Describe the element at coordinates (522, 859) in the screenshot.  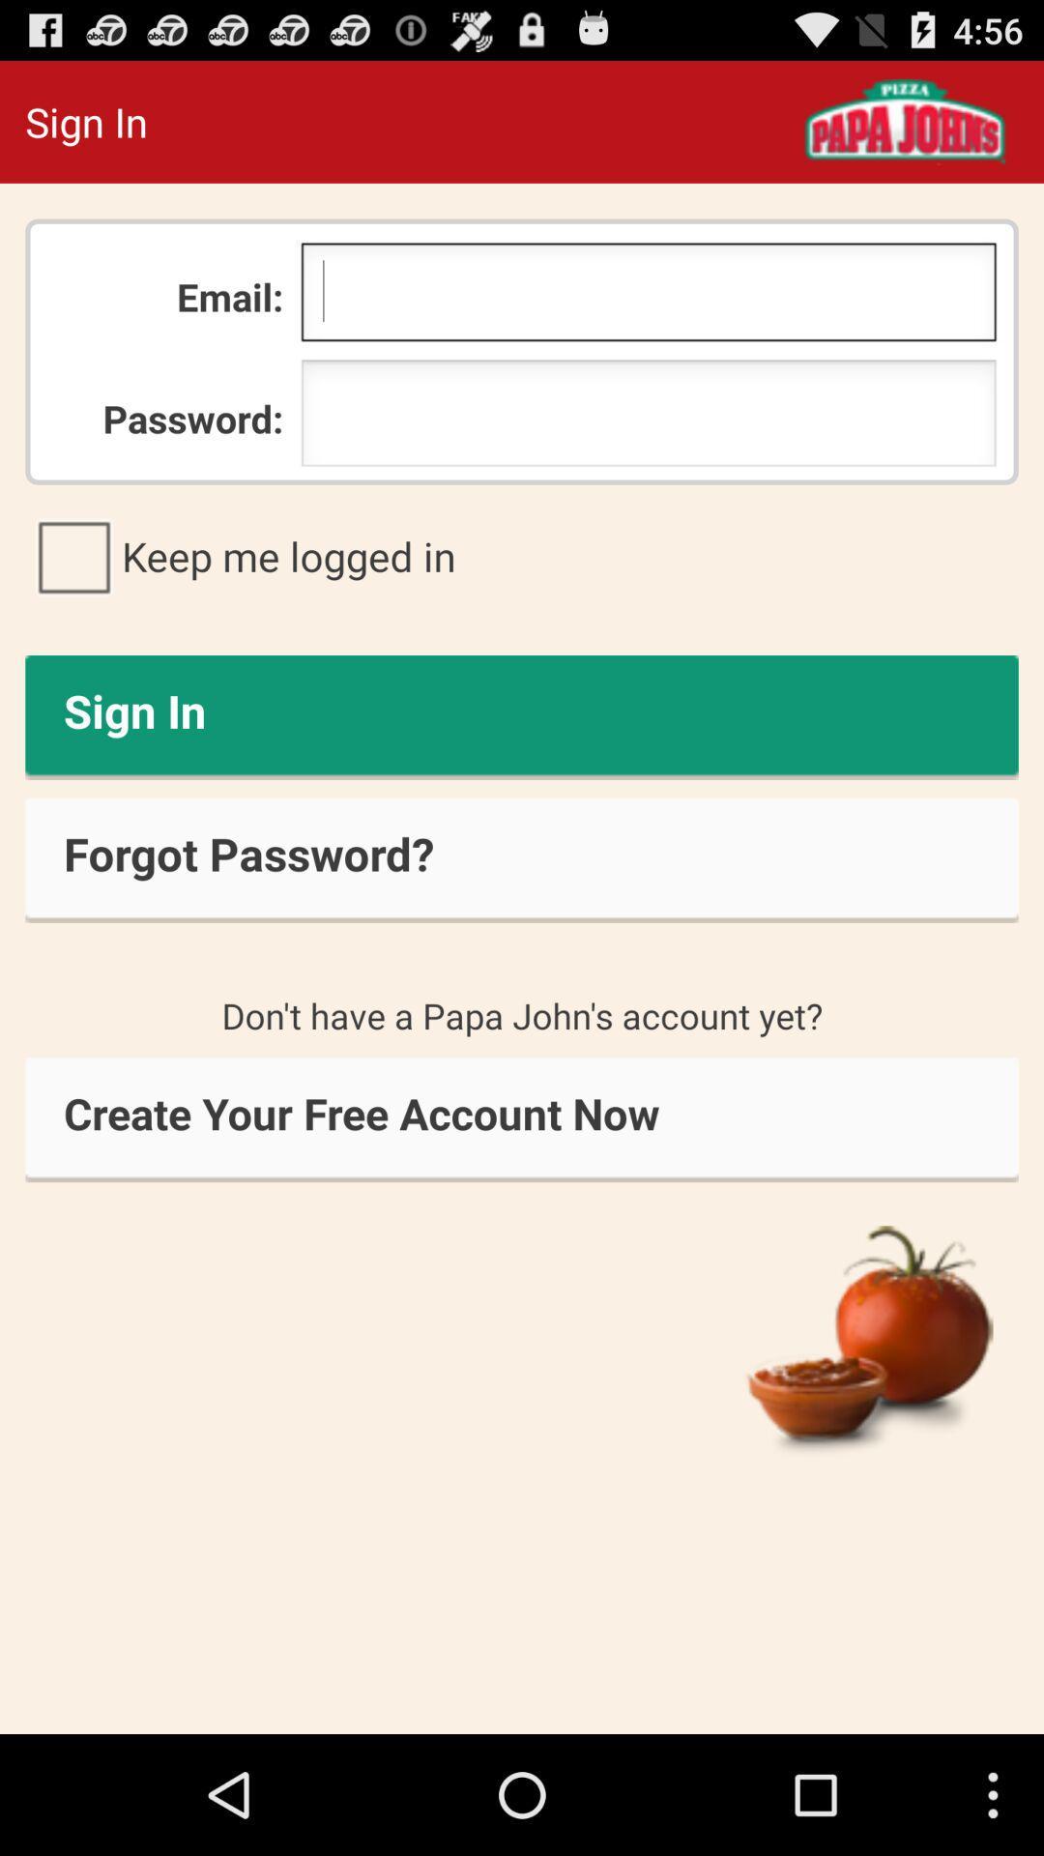
I see `the icon above don t have icon` at that location.